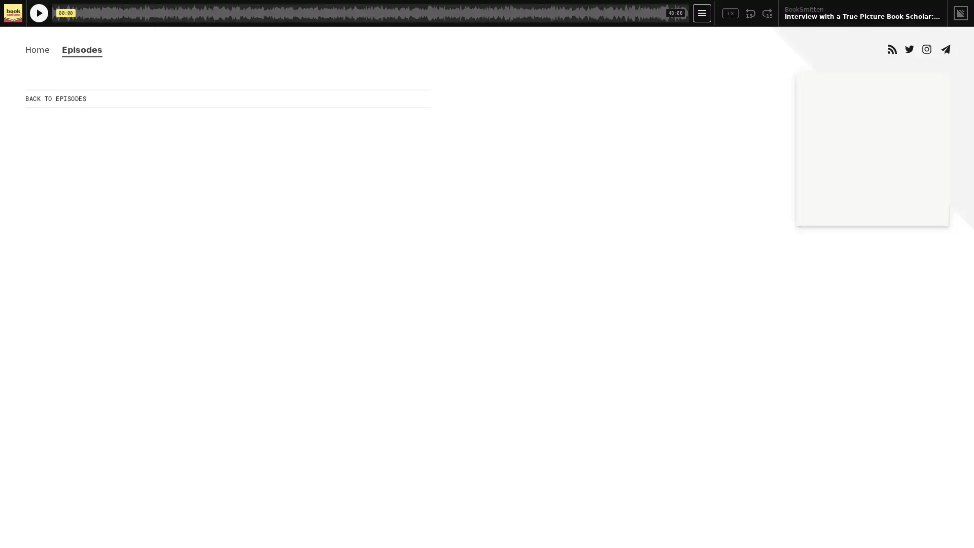 The width and height of the screenshot is (974, 548). What do you see at coordinates (129, 136) in the screenshot?
I see `Play` at bounding box center [129, 136].